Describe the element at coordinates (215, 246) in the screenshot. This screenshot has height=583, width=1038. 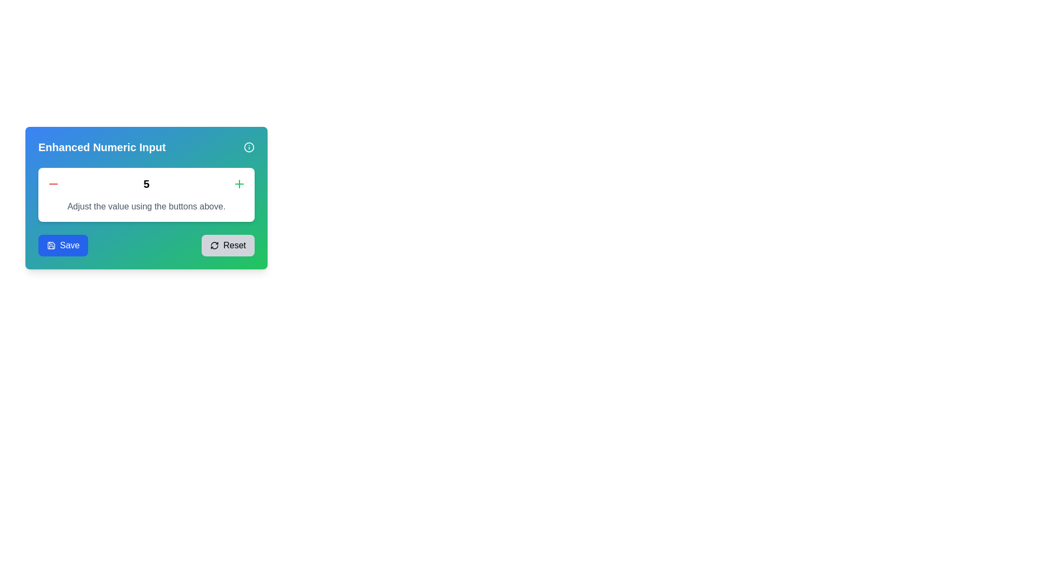
I see `the 'Reset' button which contains a refresh icon with two arrows in a circular arrangement` at that location.